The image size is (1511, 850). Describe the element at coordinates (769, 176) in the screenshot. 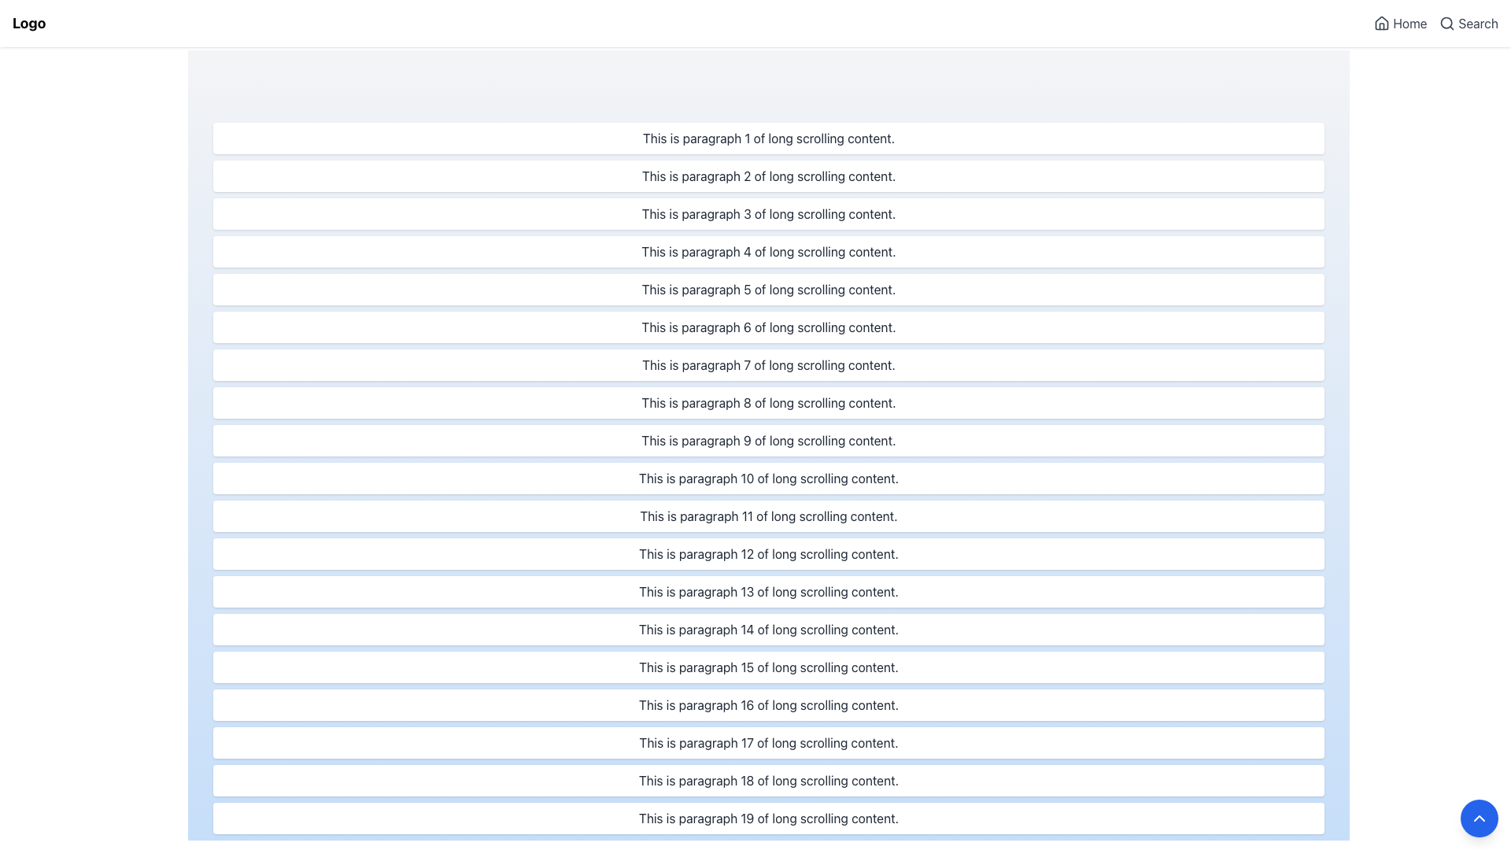

I see `the text in the second paragraph of the scrolling content layout, which is located directly below the first paragraph and above the third paragraph` at that location.